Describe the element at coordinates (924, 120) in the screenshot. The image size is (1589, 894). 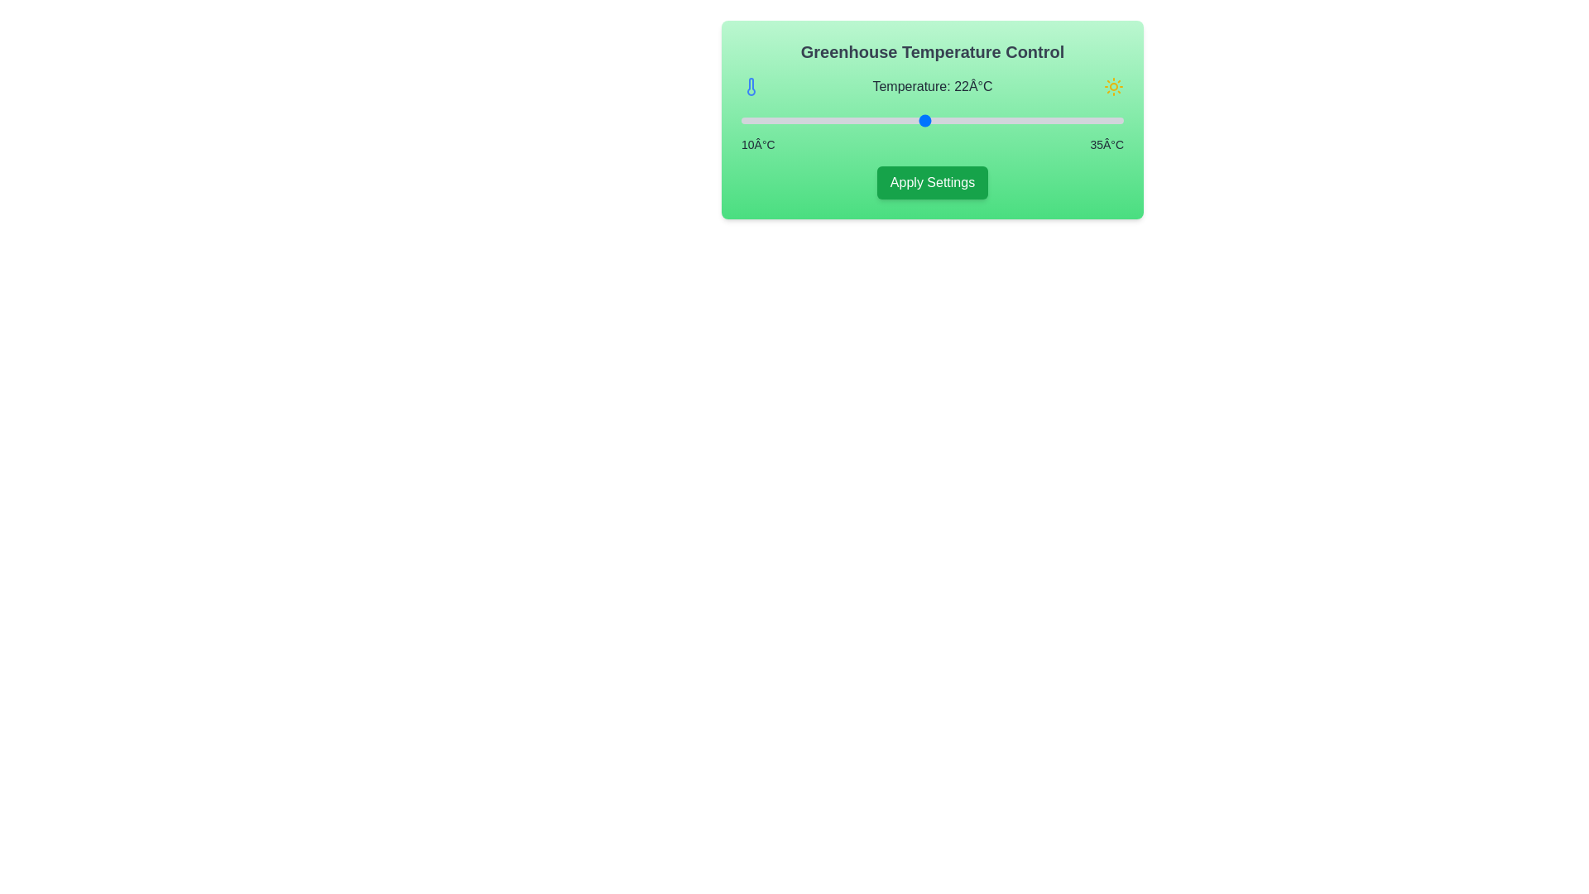
I see `the temperature slider to 22°C` at that location.